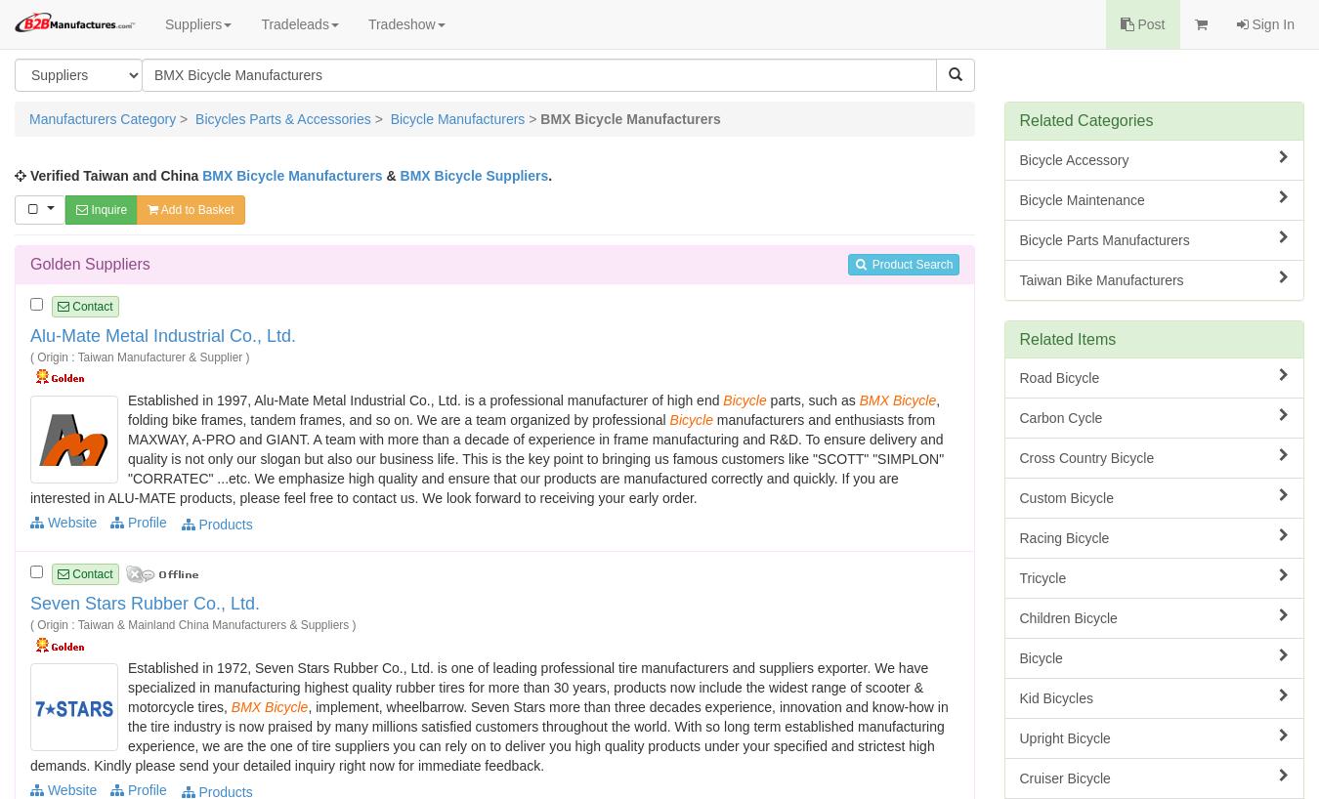 The width and height of the screenshot is (1319, 799). I want to click on 'Seven Stars Rubber Co., Ltd.', so click(145, 603).